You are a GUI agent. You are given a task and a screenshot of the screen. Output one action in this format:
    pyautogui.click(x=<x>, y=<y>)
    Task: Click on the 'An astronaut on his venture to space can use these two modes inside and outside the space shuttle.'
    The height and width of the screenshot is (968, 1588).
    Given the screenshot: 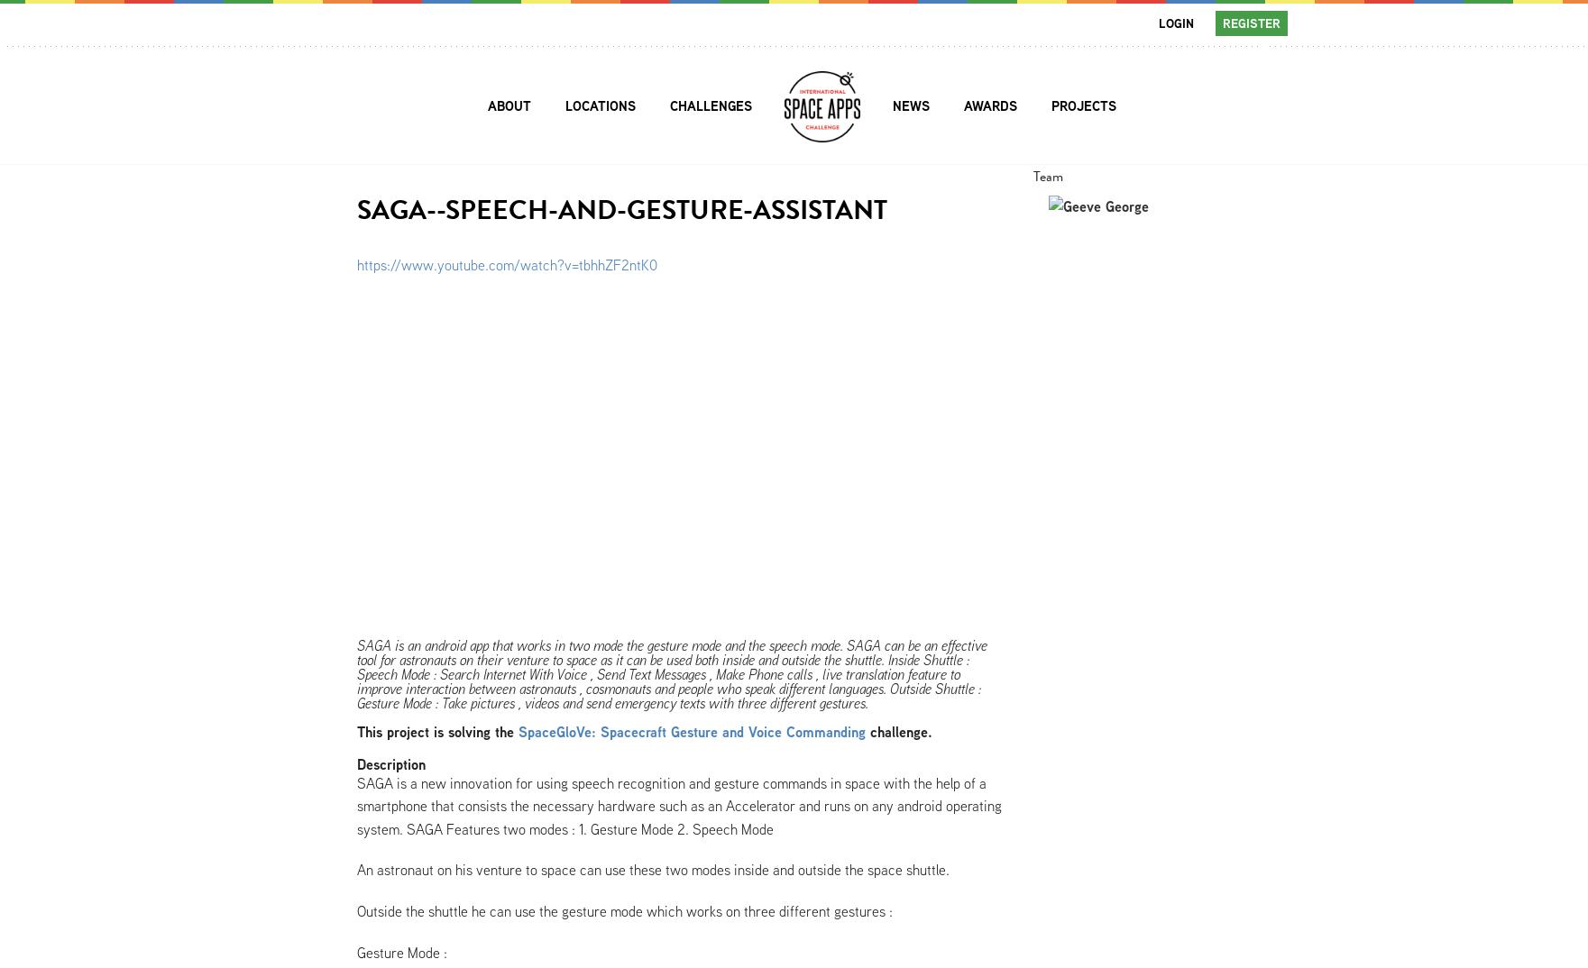 What is the action you would take?
    pyautogui.click(x=652, y=870)
    